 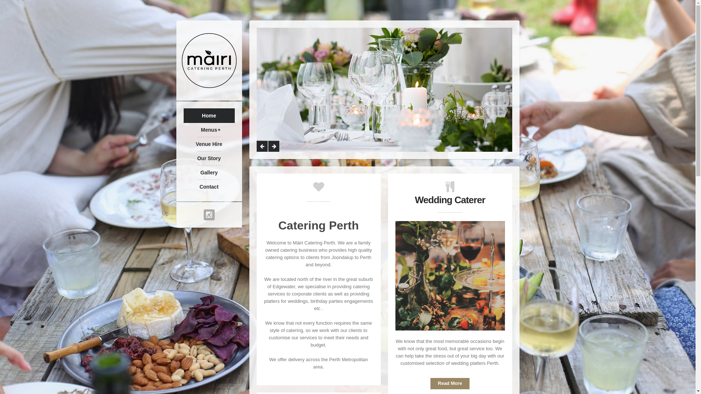 What do you see at coordinates (183, 158) in the screenshot?
I see `'Our Story'` at bounding box center [183, 158].